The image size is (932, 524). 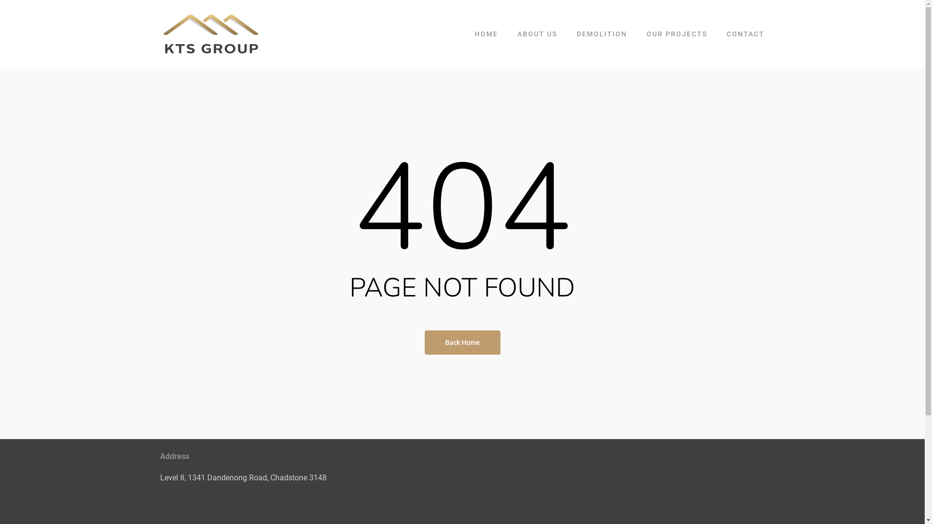 What do you see at coordinates (745, 33) in the screenshot?
I see `'CONTACT'` at bounding box center [745, 33].